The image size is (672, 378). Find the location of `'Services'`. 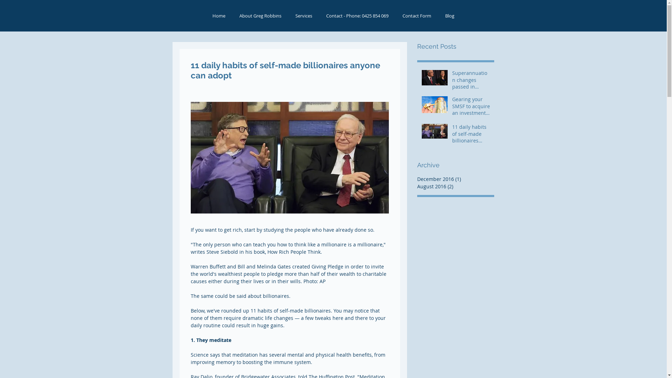

'Services' is located at coordinates (304, 16).